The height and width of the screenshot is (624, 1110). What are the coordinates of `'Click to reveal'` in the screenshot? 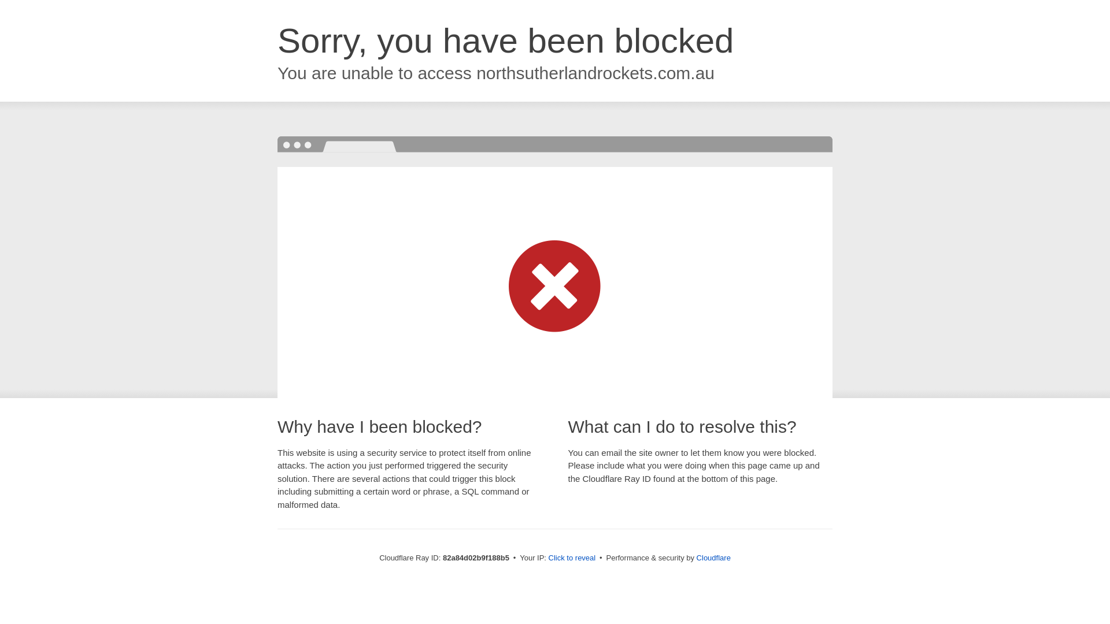 It's located at (572, 557).